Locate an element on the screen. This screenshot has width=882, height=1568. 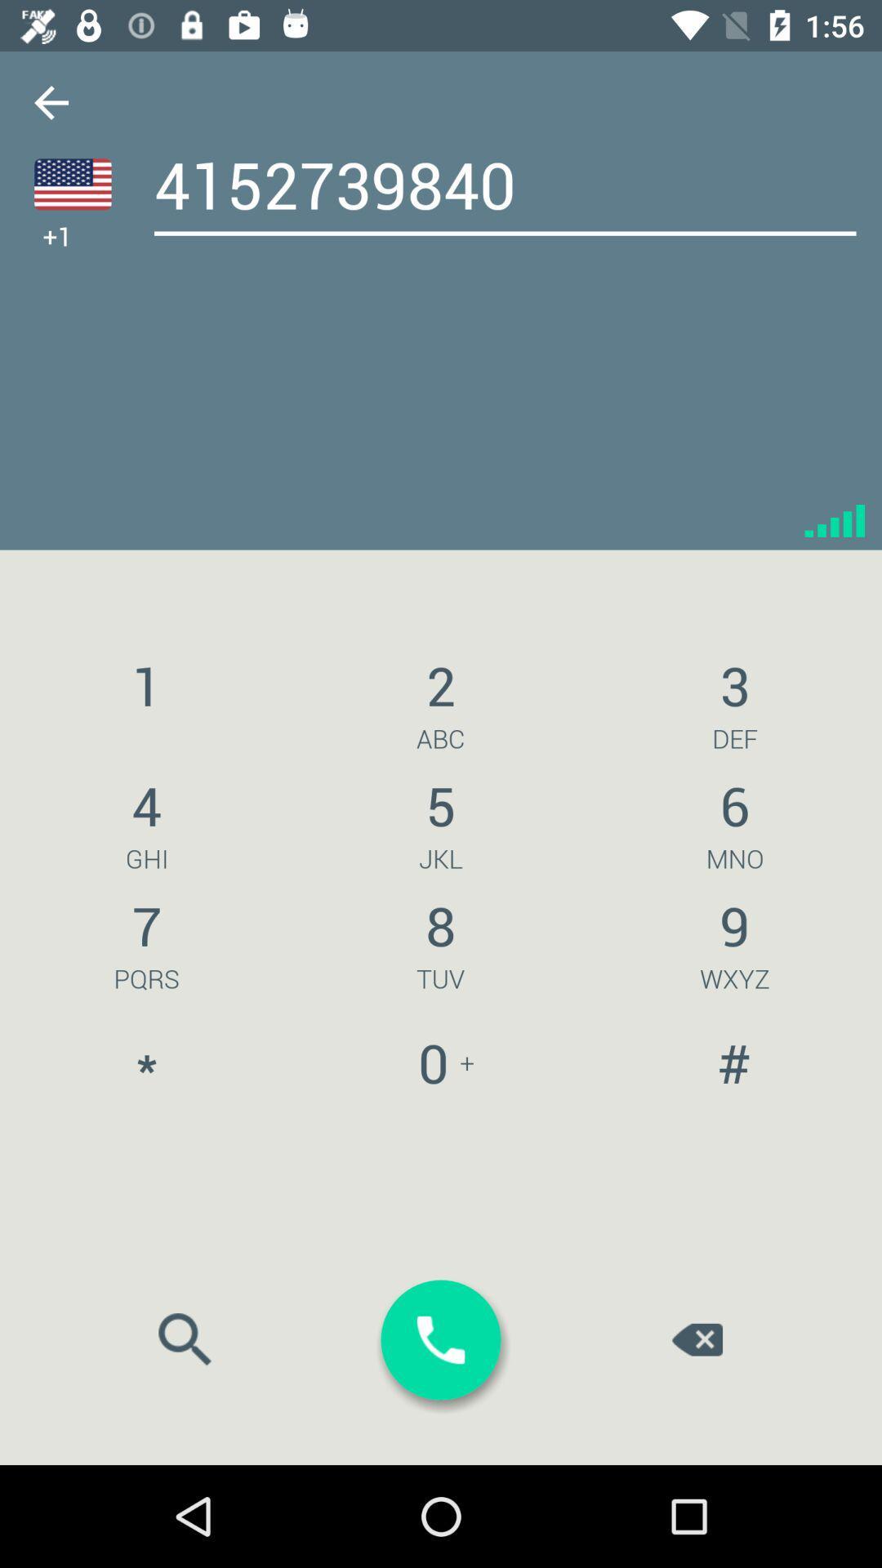
the call icon is located at coordinates (441, 1340).